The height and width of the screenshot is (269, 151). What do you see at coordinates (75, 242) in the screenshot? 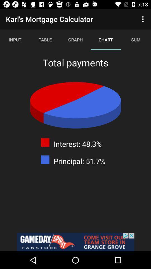
I see `advertisements are displayed` at bounding box center [75, 242].